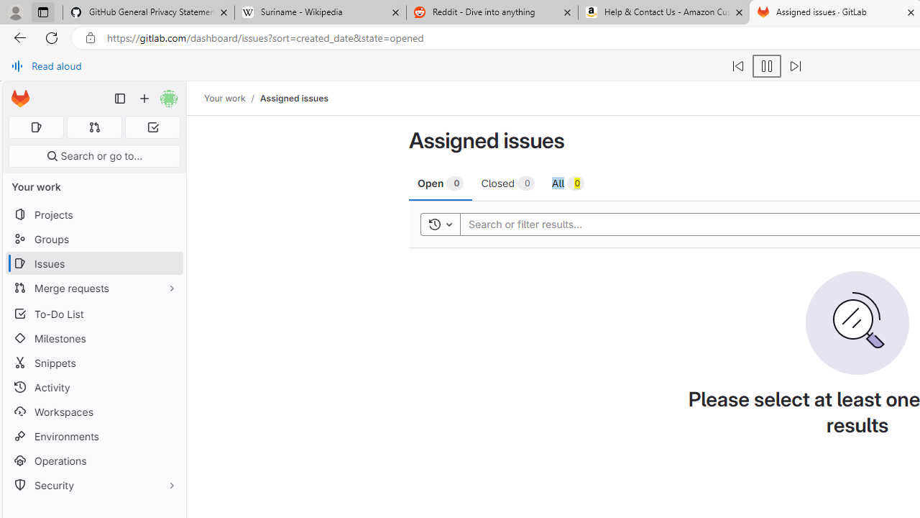 This screenshot has height=518, width=920. Describe the element at coordinates (93, 485) in the screenshot. I see `'Security'` at that location.